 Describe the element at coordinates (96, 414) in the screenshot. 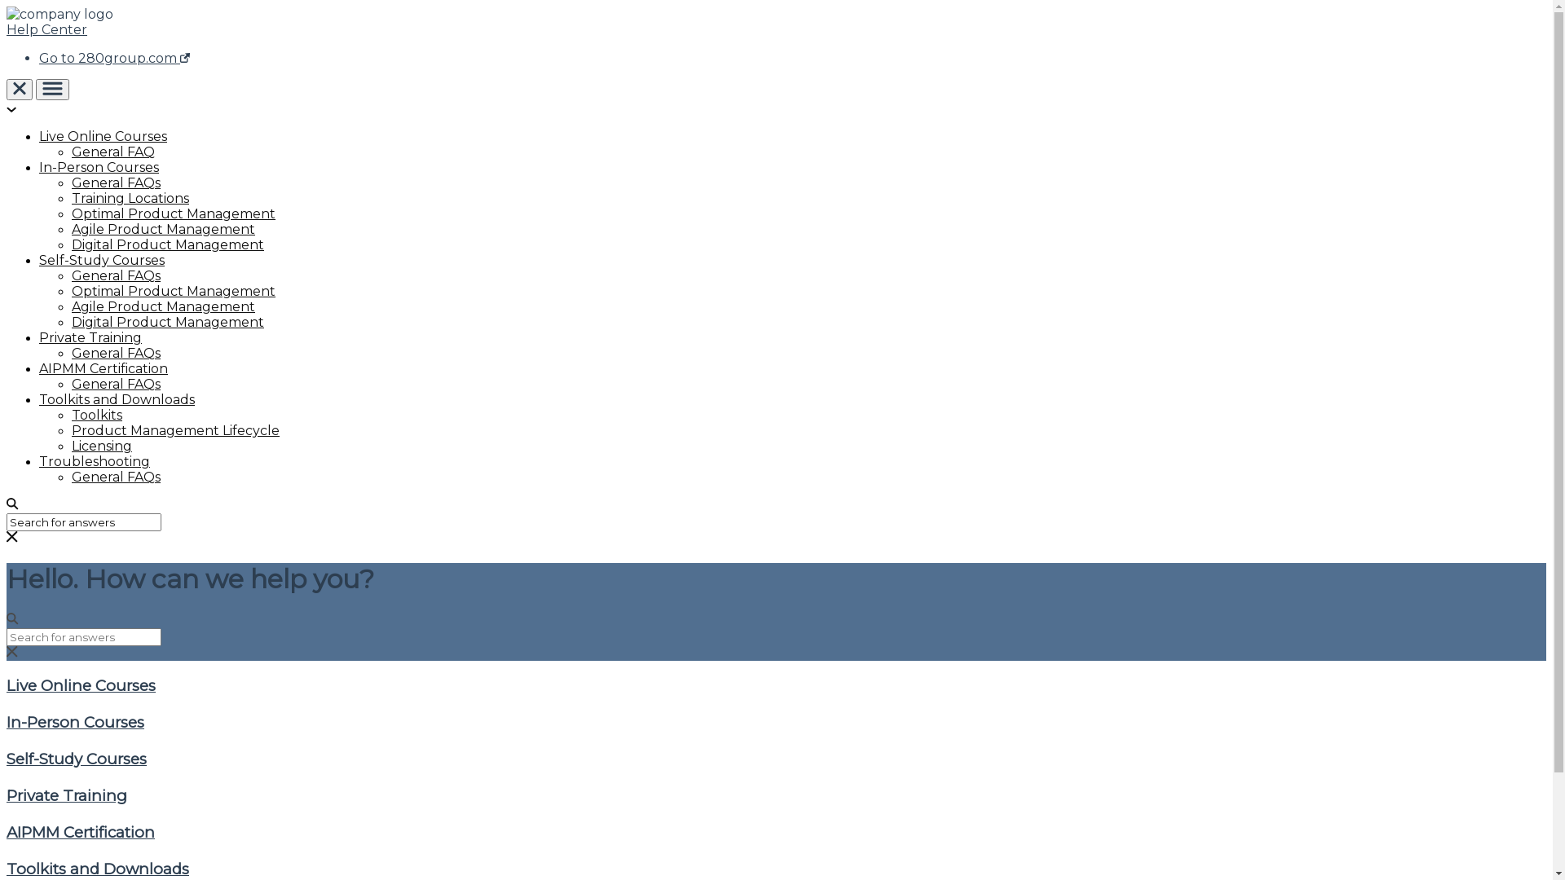

I see `'Toolkits'` at that location.